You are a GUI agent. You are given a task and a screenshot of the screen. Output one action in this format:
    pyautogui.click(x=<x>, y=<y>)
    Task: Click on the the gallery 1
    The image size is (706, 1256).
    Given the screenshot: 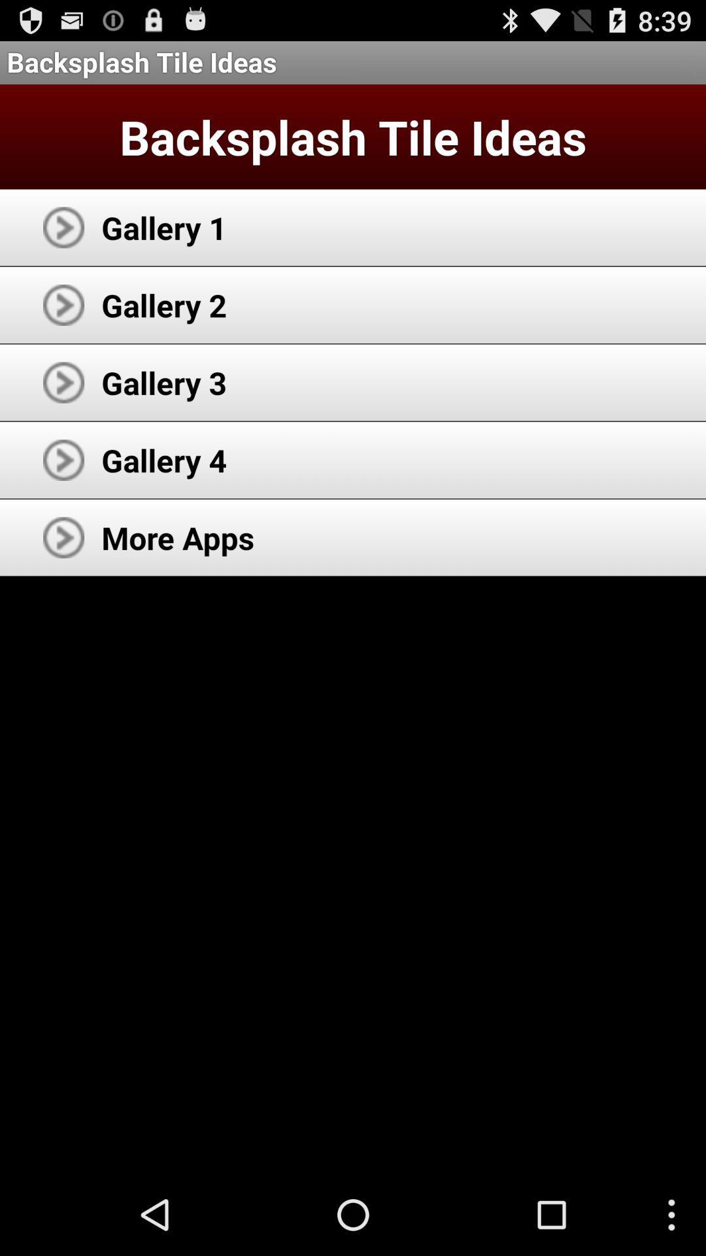 What is the action you would take?
    pyautogui.click(x=163, y=227)
    